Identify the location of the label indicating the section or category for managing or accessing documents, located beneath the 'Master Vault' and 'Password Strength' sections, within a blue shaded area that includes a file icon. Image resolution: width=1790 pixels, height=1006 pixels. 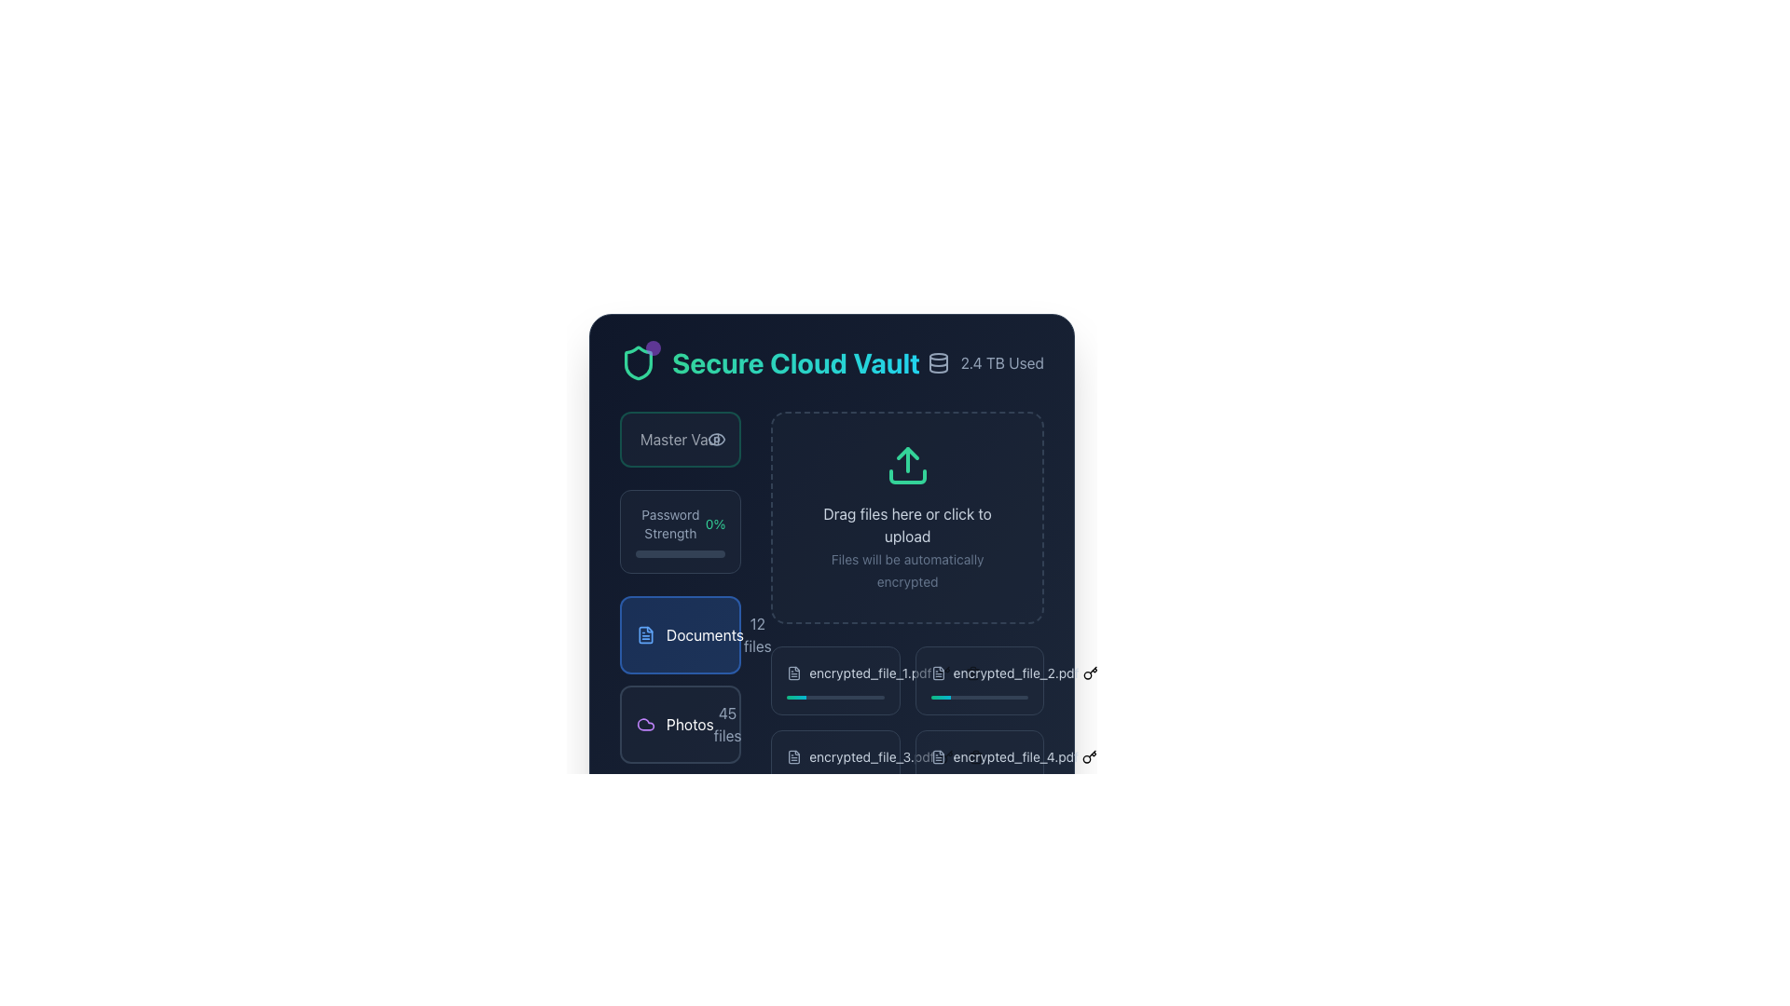
(704, 634).